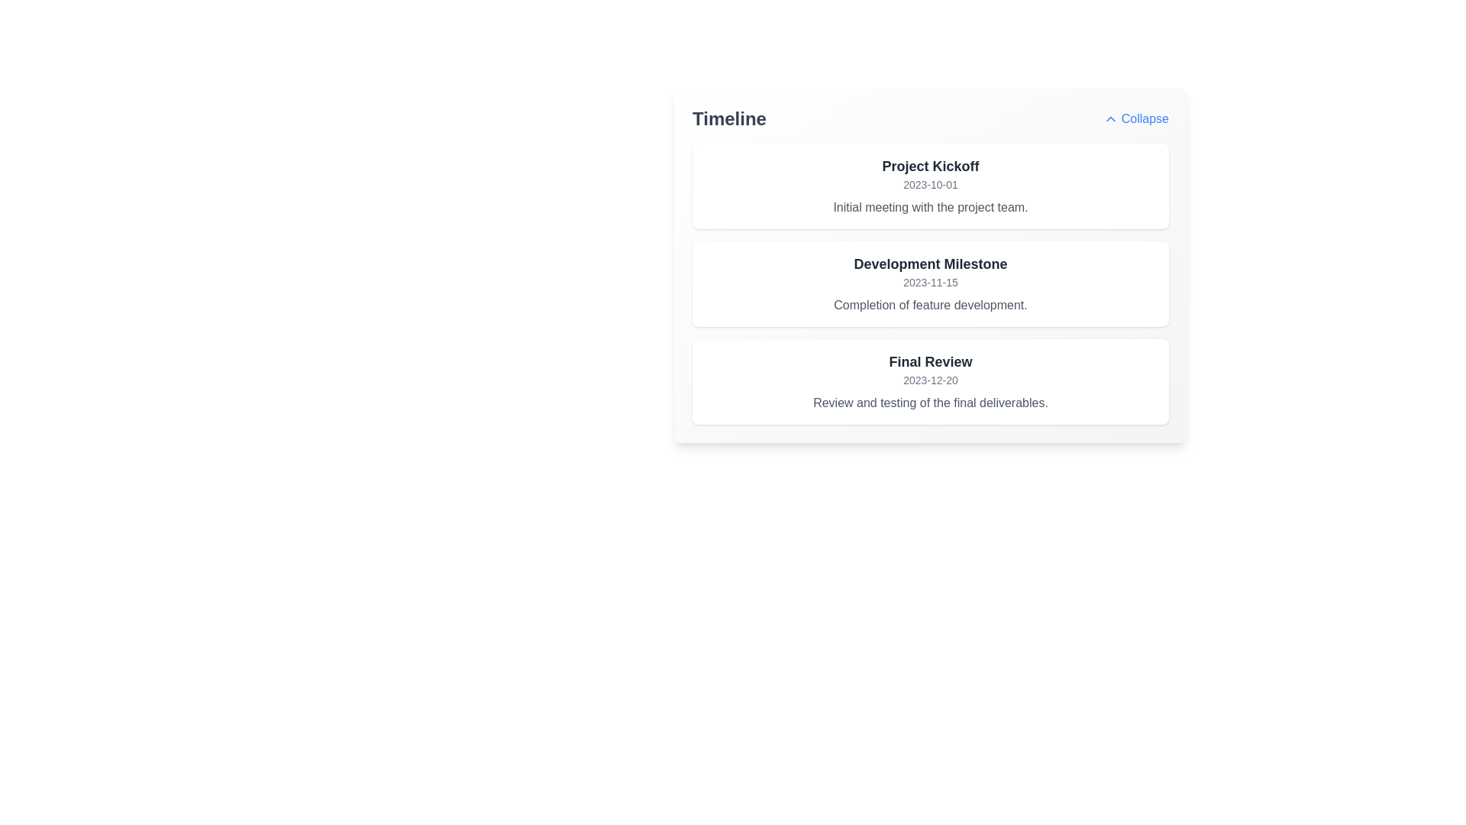 Image resolution: width=1466 pixels, height=825 pixels. What do you see at coordinates (930, 264) in the screenshot?
I see `the Text label that serves as a title for a milestone entry in the timeline interface, located within the card layout under the 'Timeline' section` at bounding box center [930, 264].